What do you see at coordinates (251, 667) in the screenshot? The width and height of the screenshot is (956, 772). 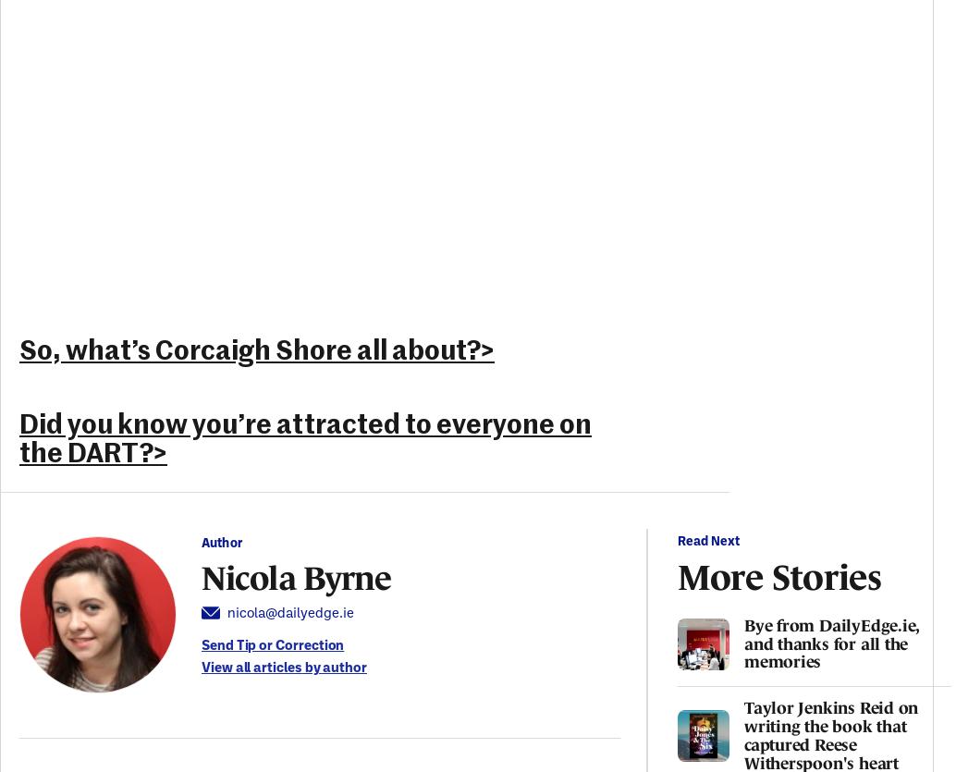 I see `'View all articles'` at bounding box center [251, 667].